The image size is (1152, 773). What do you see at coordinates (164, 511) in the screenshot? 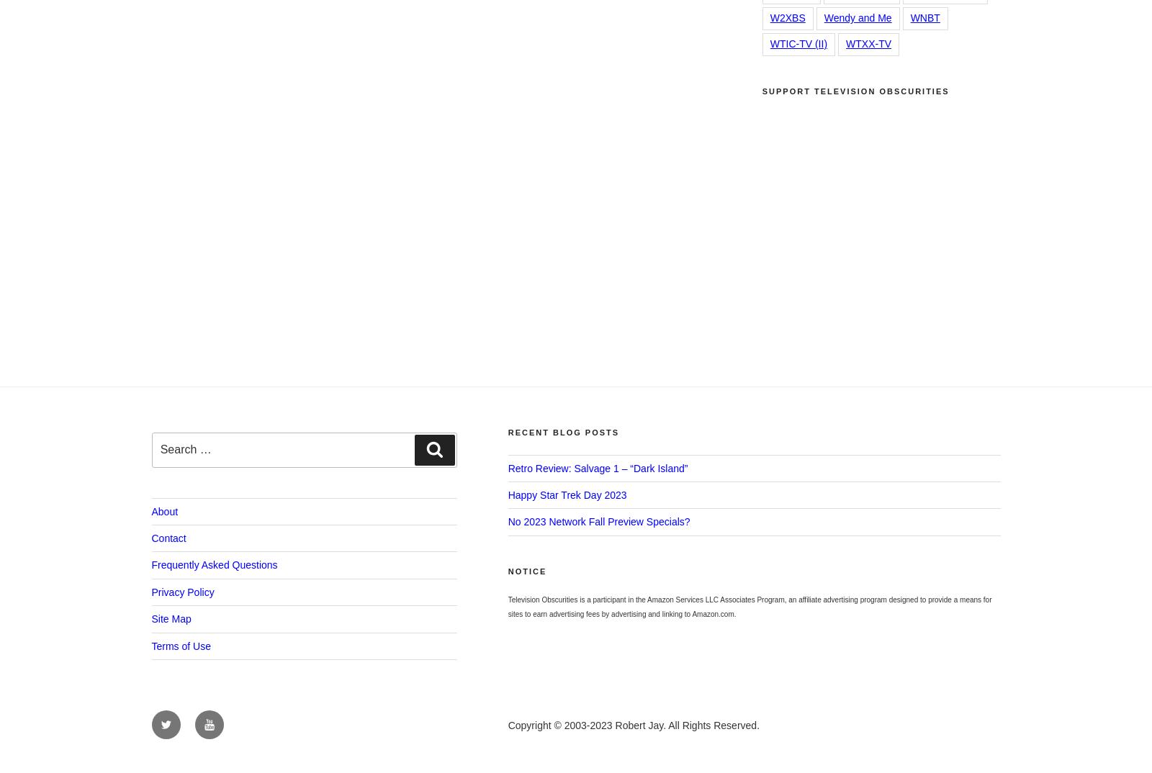
I see `'About'` at bounding box center [164, 511].